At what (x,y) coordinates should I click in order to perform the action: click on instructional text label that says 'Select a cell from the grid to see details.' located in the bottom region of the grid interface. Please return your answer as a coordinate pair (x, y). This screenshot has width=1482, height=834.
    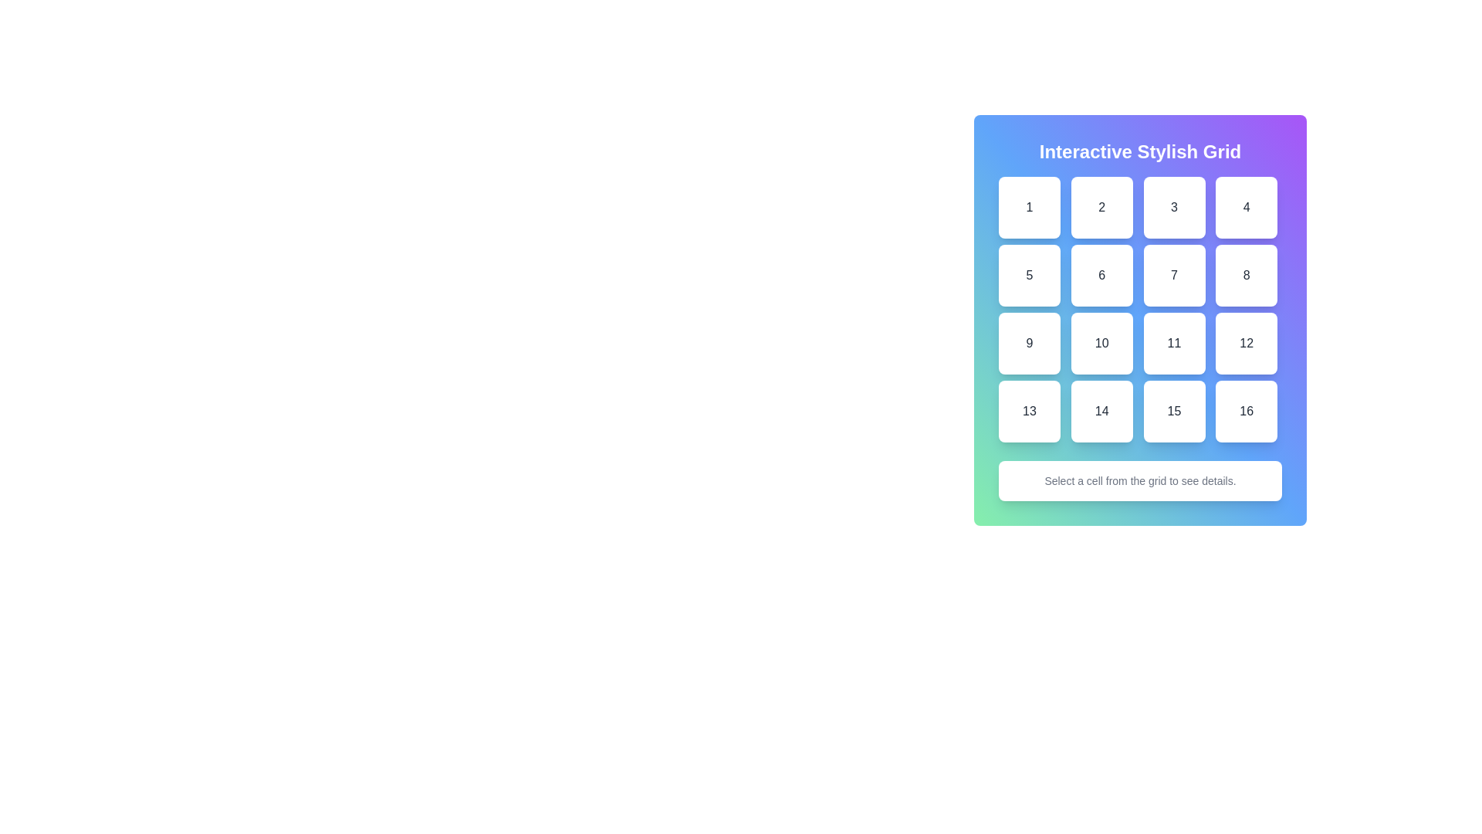
    Looking at the image, I should click on (1140, 480).